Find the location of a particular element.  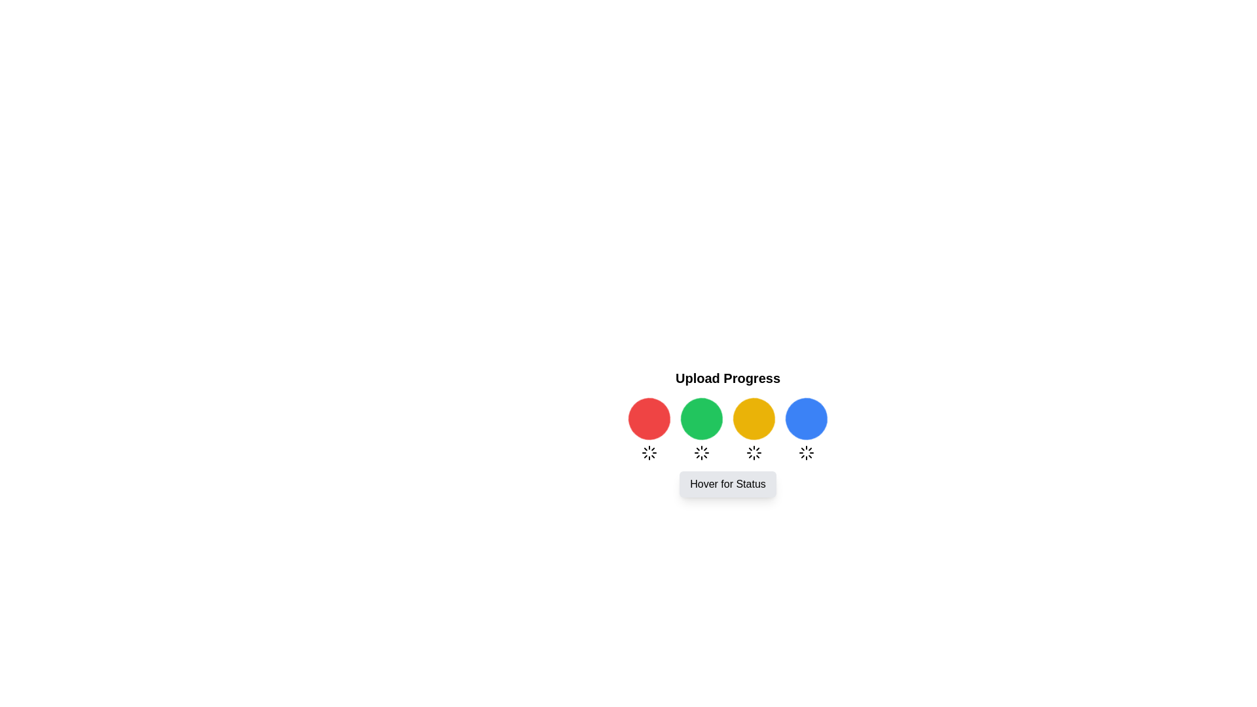

the non-interactive text label that identifies the content or function of the surrounding UI elements, positioned centrally above the upload progress indicators is located at coordinates (727, 378).